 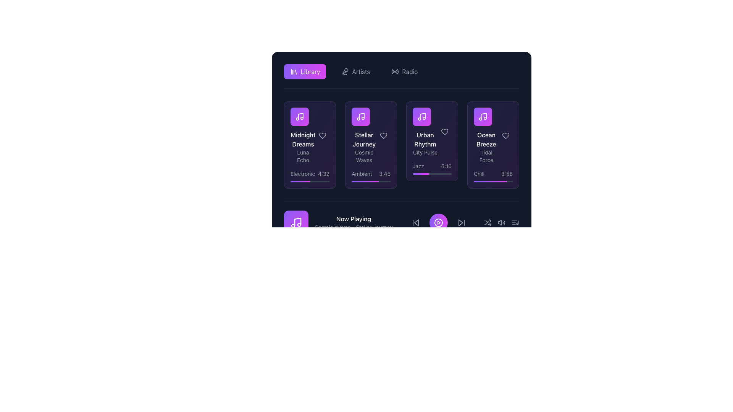 What do you see at coordinates (487, 222) in the screenshot?
I see `the shuffle mode toggle button located on the leftmost side of the Now Playing control bar to change the icon's color` at bounding box center [487, 222].